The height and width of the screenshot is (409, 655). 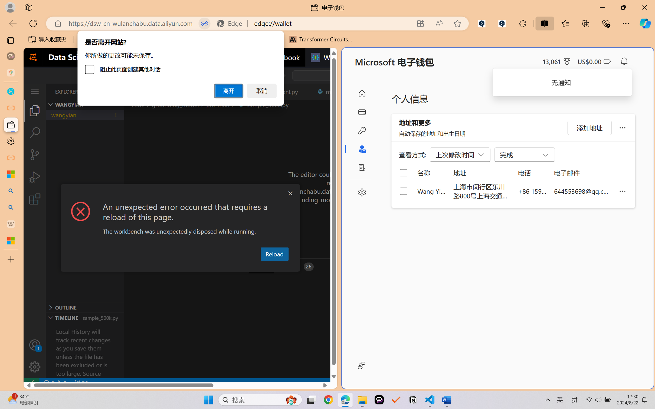 I want to click on 'Microsoft Cashback - US$0.00', so click(x=594, y=61).